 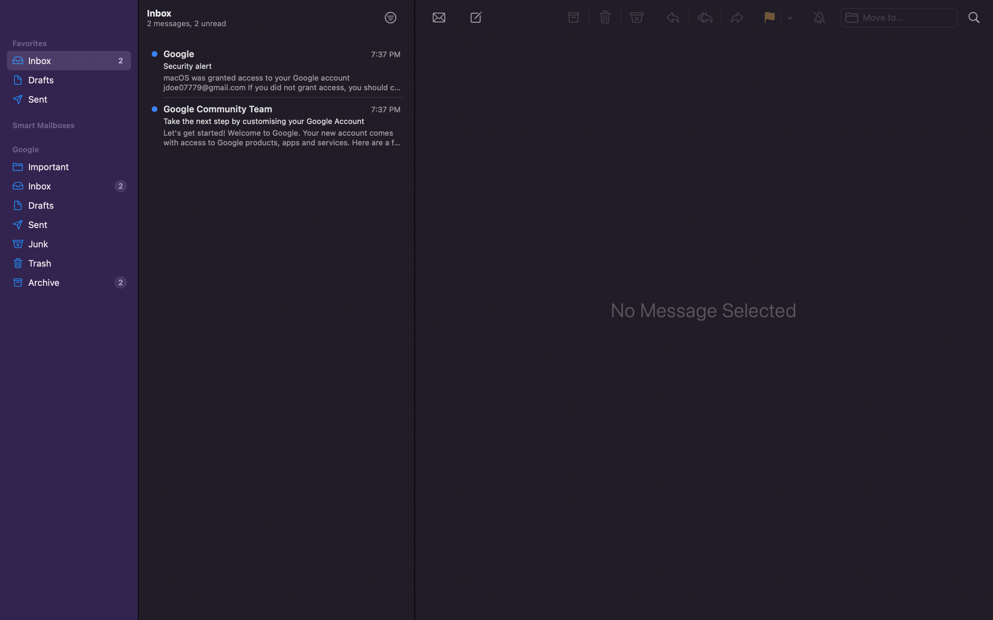 I want to click on Pick the feature to compose a brand new email, so click(x=478, y=19).